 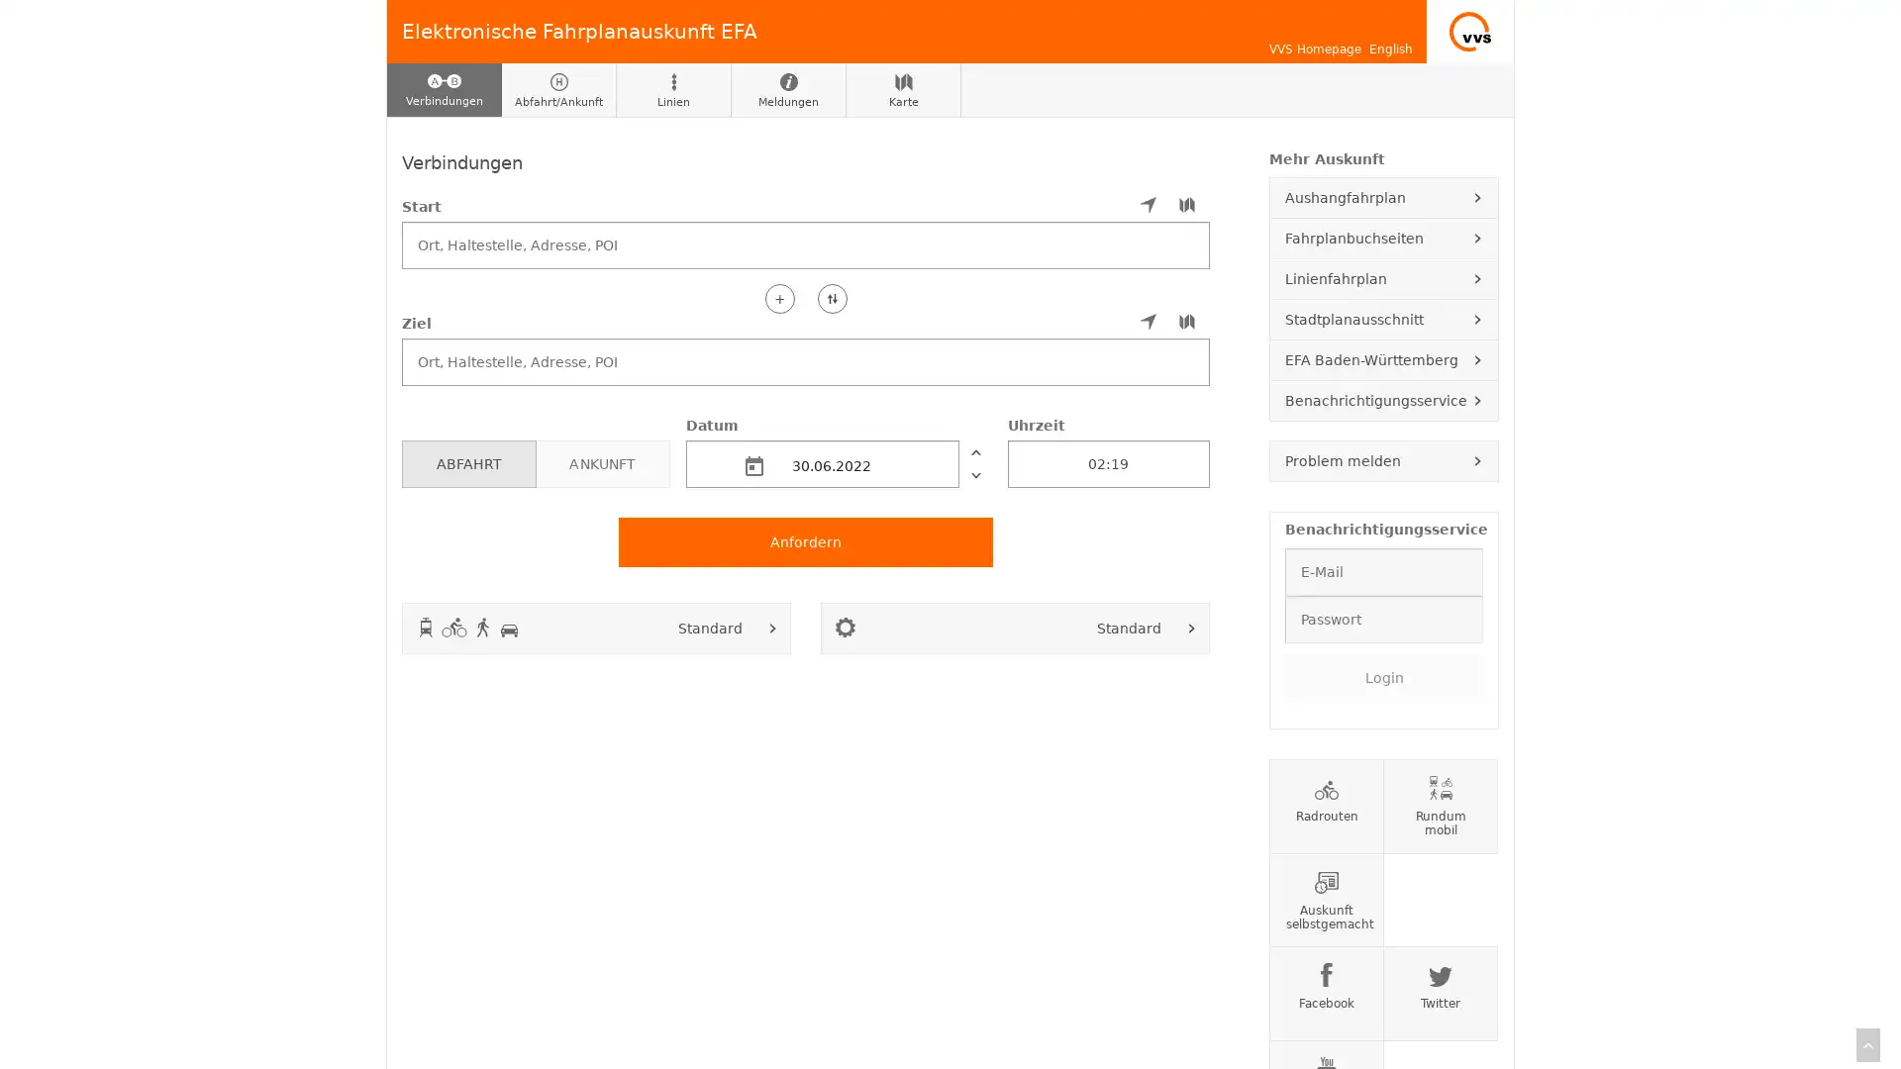 I want to click on +, so click(x=778, y=297).